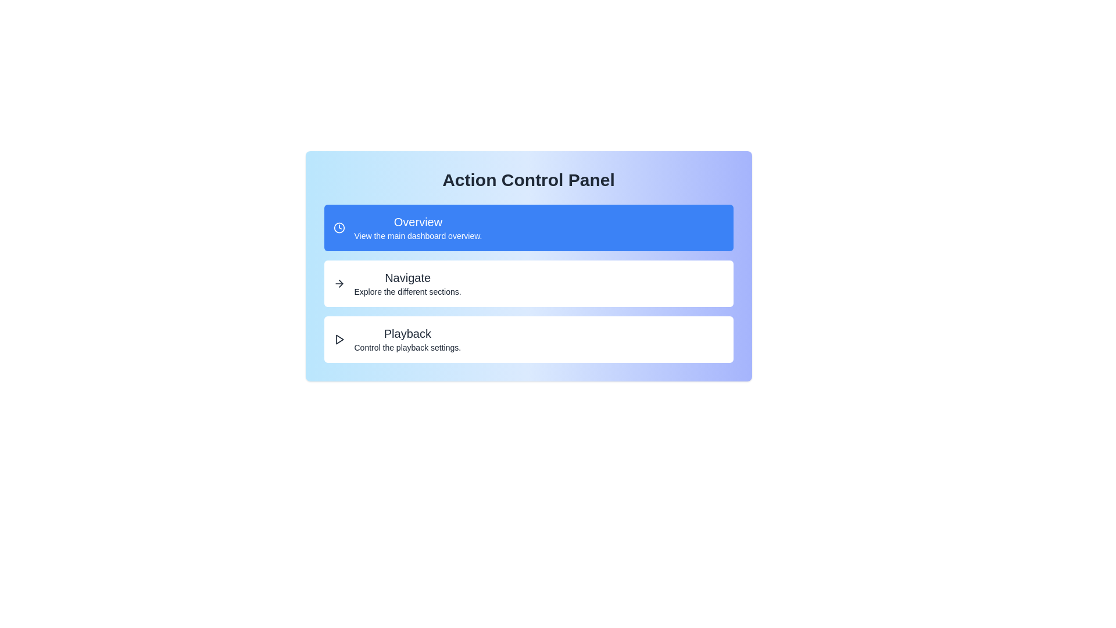 The height and width of the screenshot is (628, 1116). Describe the element at coordinates (338, 228) in the screenshot. I see `the circular component of the clock-like icon located inside the blue rectangular area labeled 'Overview'` at that location.